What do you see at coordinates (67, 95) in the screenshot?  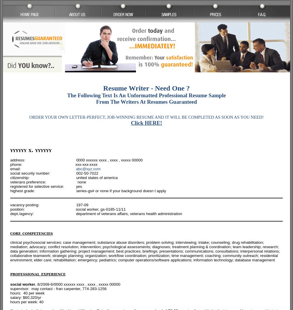 I see `'The Following Text Is An Unformatted Professional Resume Sample'` at bounding box center [67, 95].